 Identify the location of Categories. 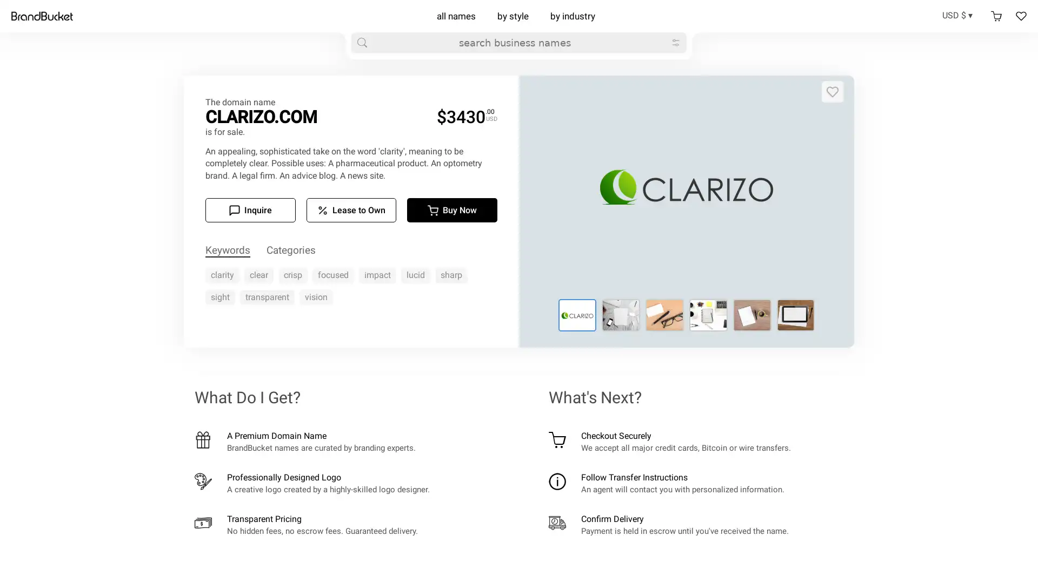
(291, 250).